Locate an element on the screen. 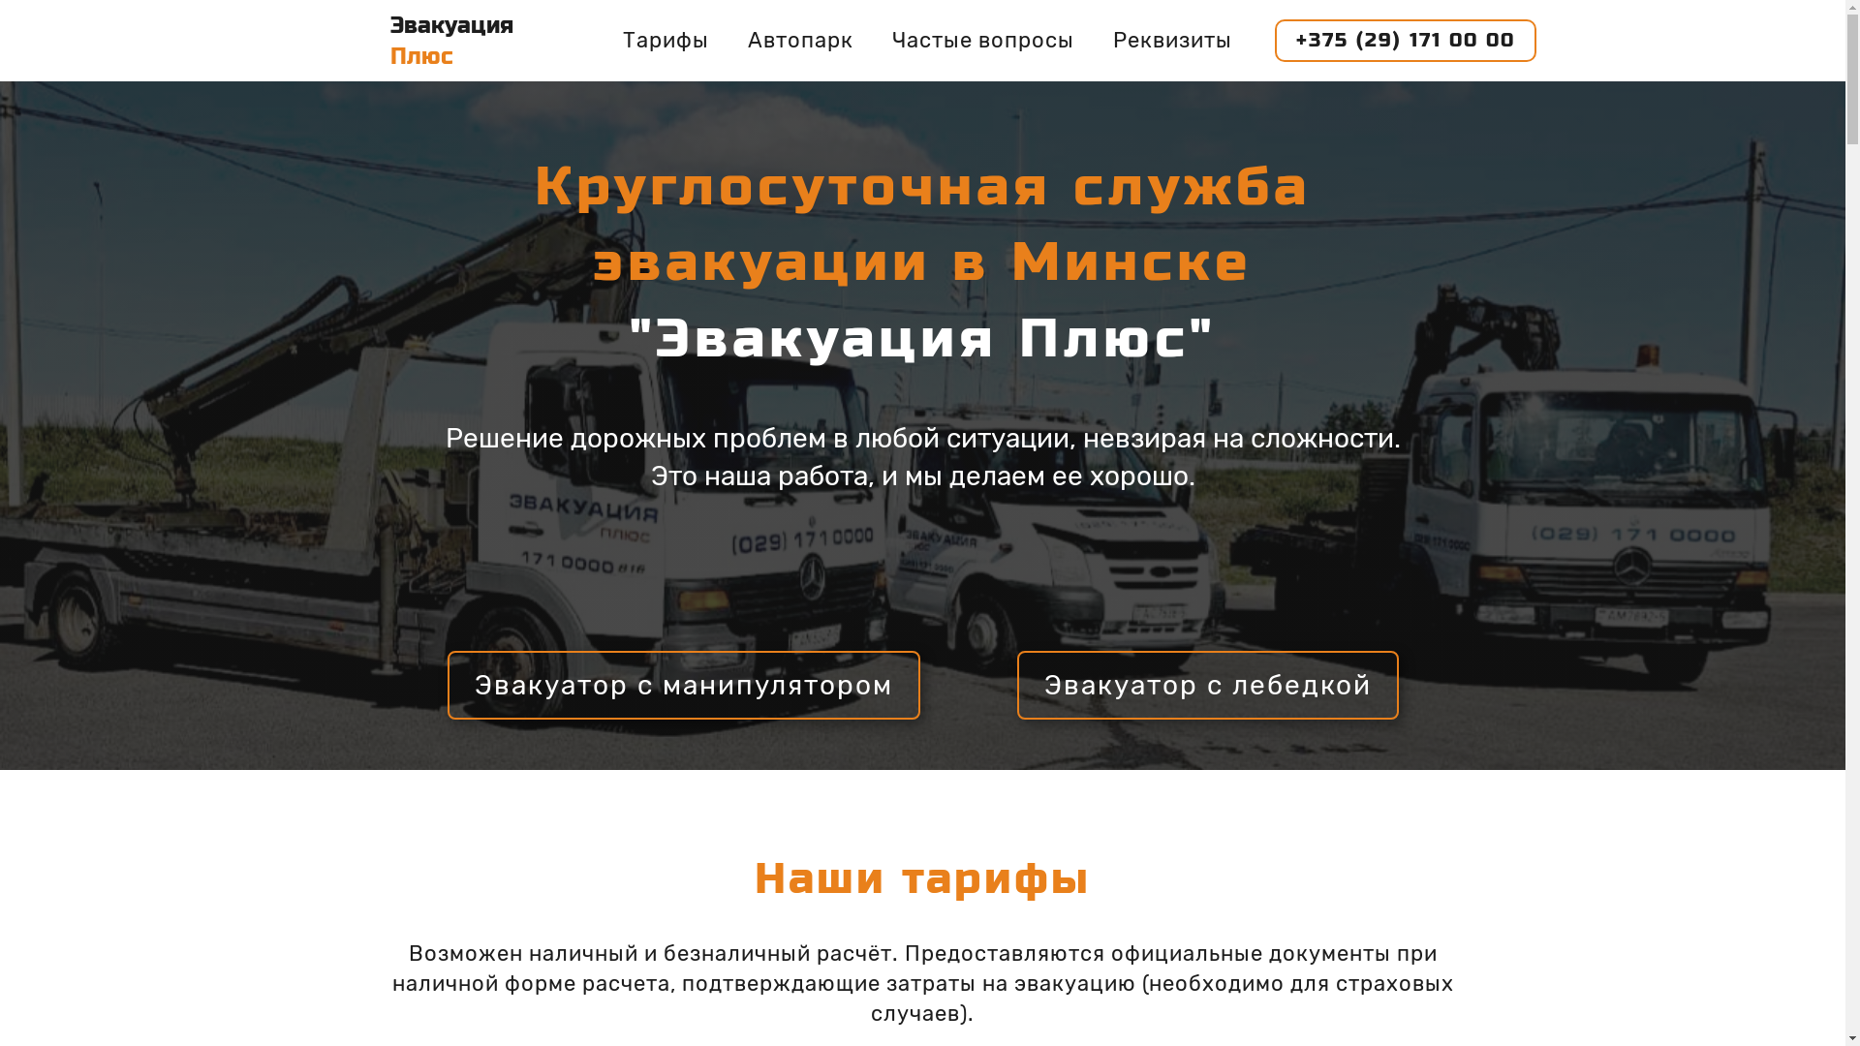 This screenshot has height=1046, width=1860. '+375 (29) 171 00 00' is located at coordinates (1405, 41).